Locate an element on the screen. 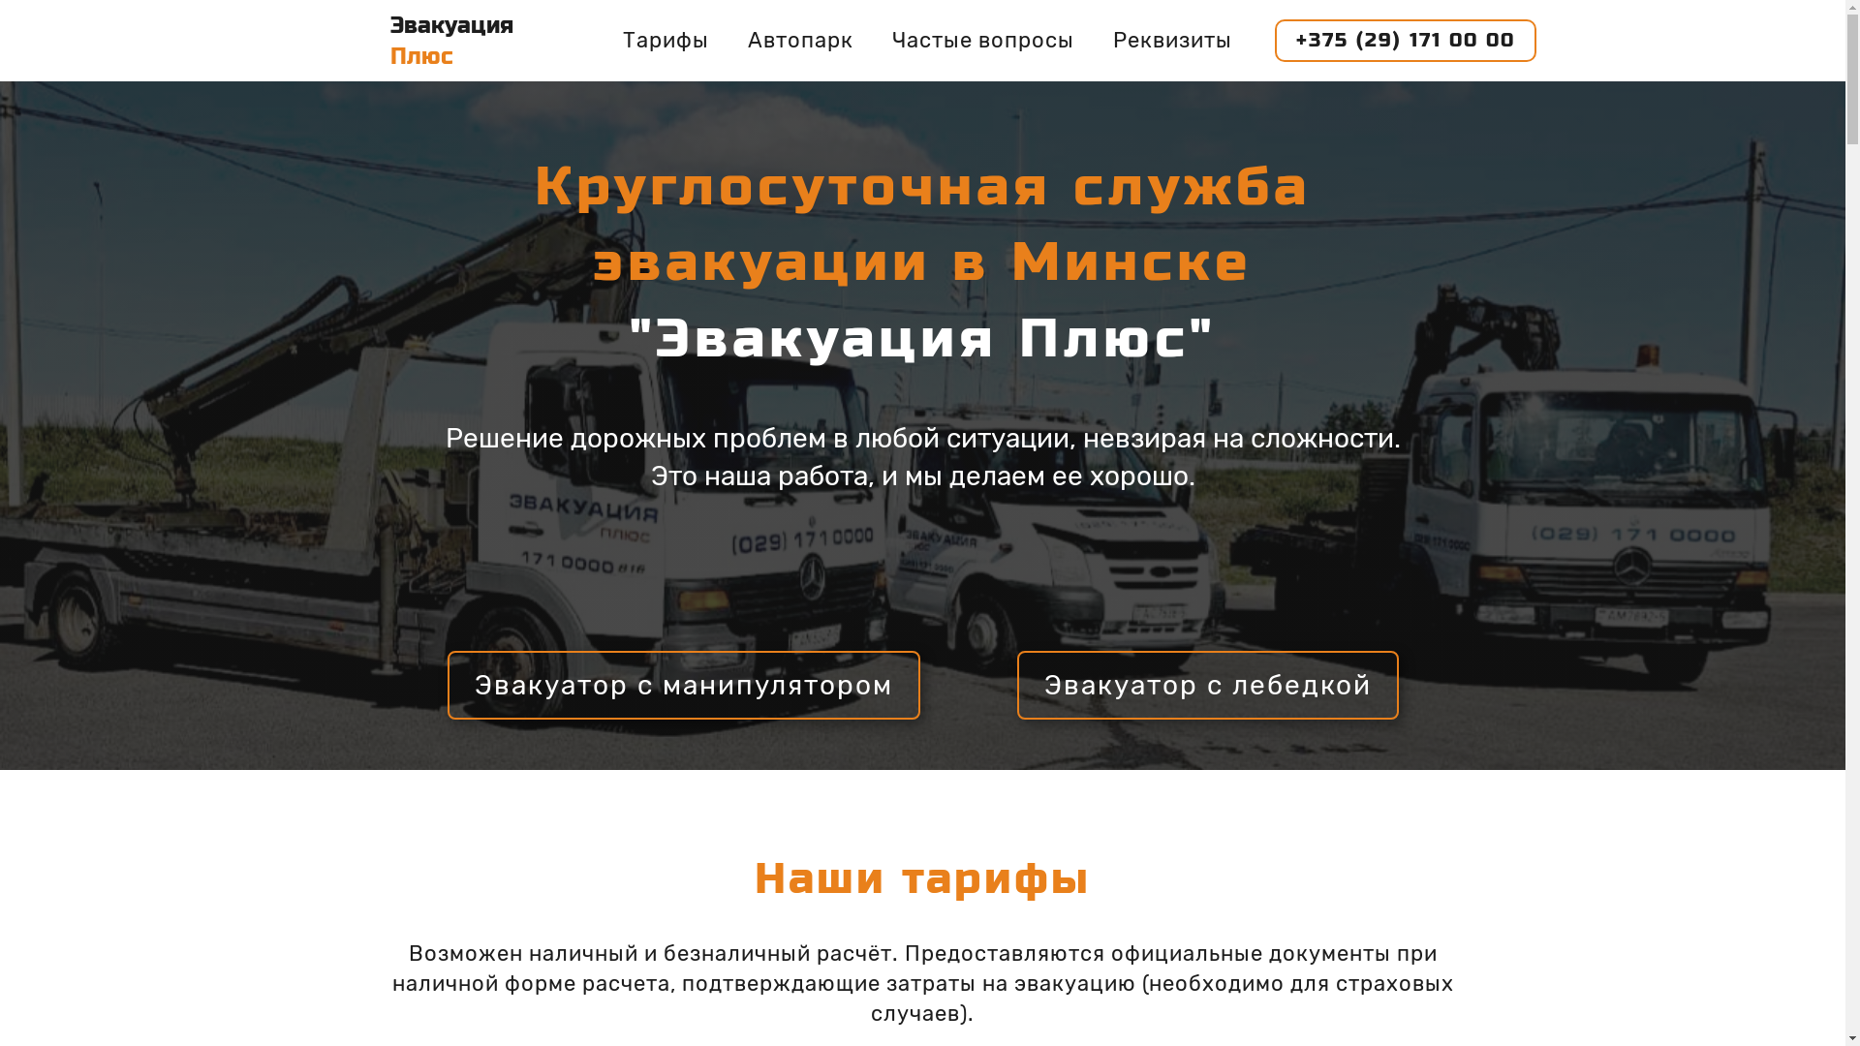 This screenshot has height=1046, width=1860. '+375 (29) 171 00 00' is located at coordinates (1405, 41).